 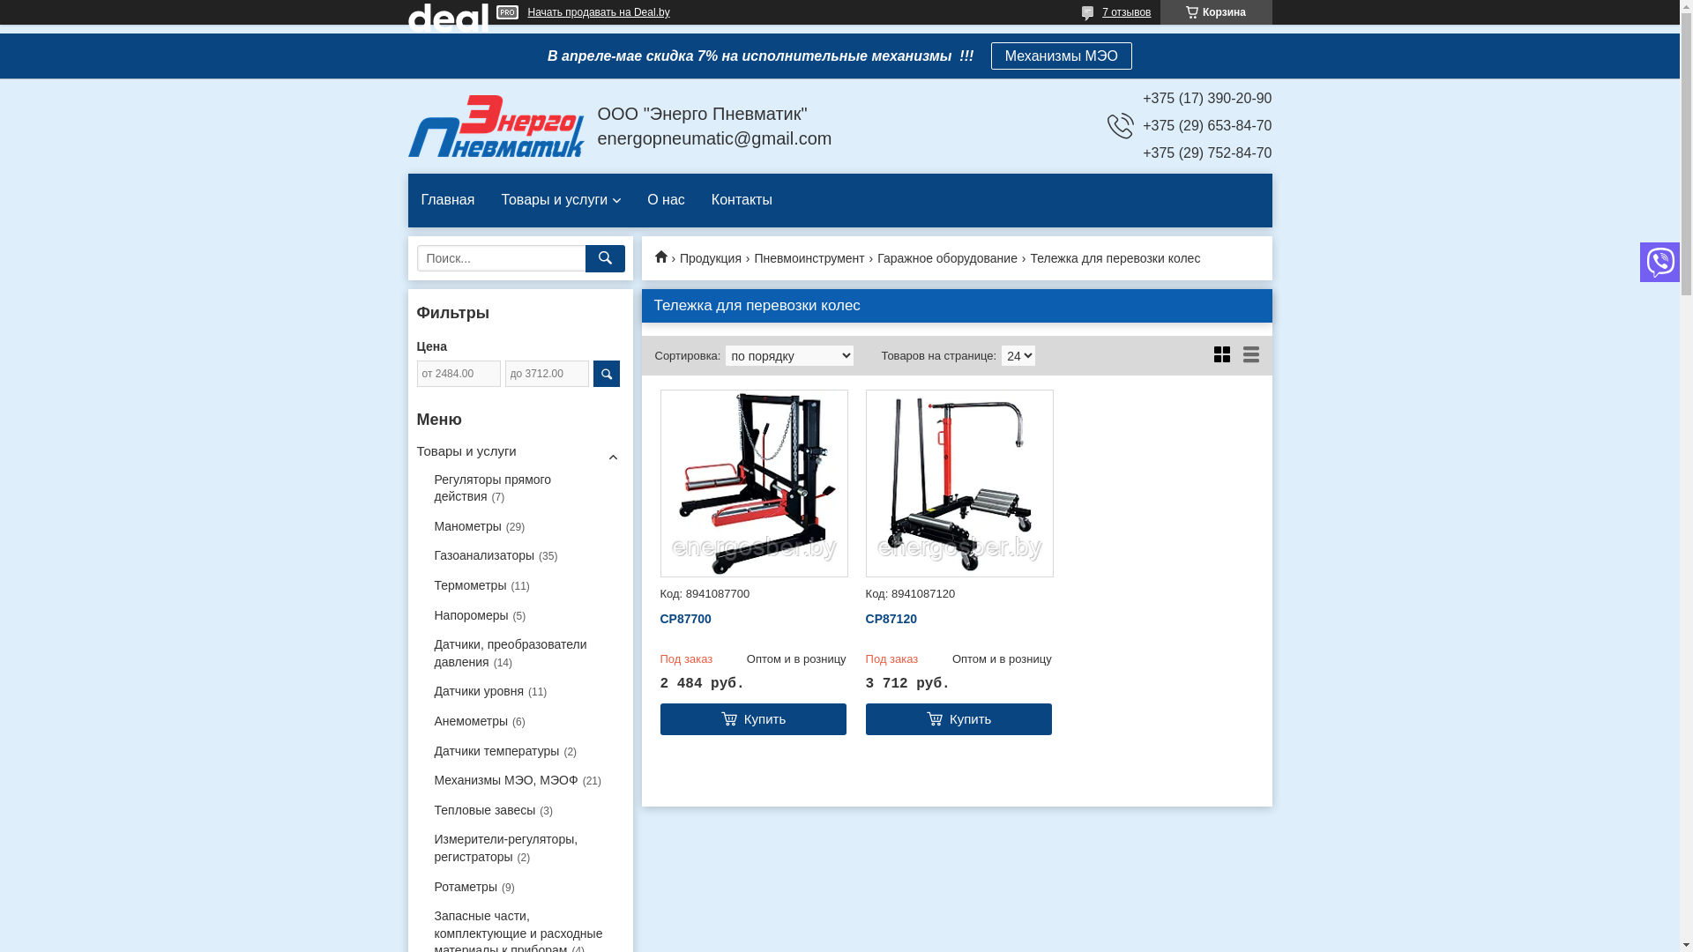 I want to click on 'CP87700', so click(x=659, y=483).